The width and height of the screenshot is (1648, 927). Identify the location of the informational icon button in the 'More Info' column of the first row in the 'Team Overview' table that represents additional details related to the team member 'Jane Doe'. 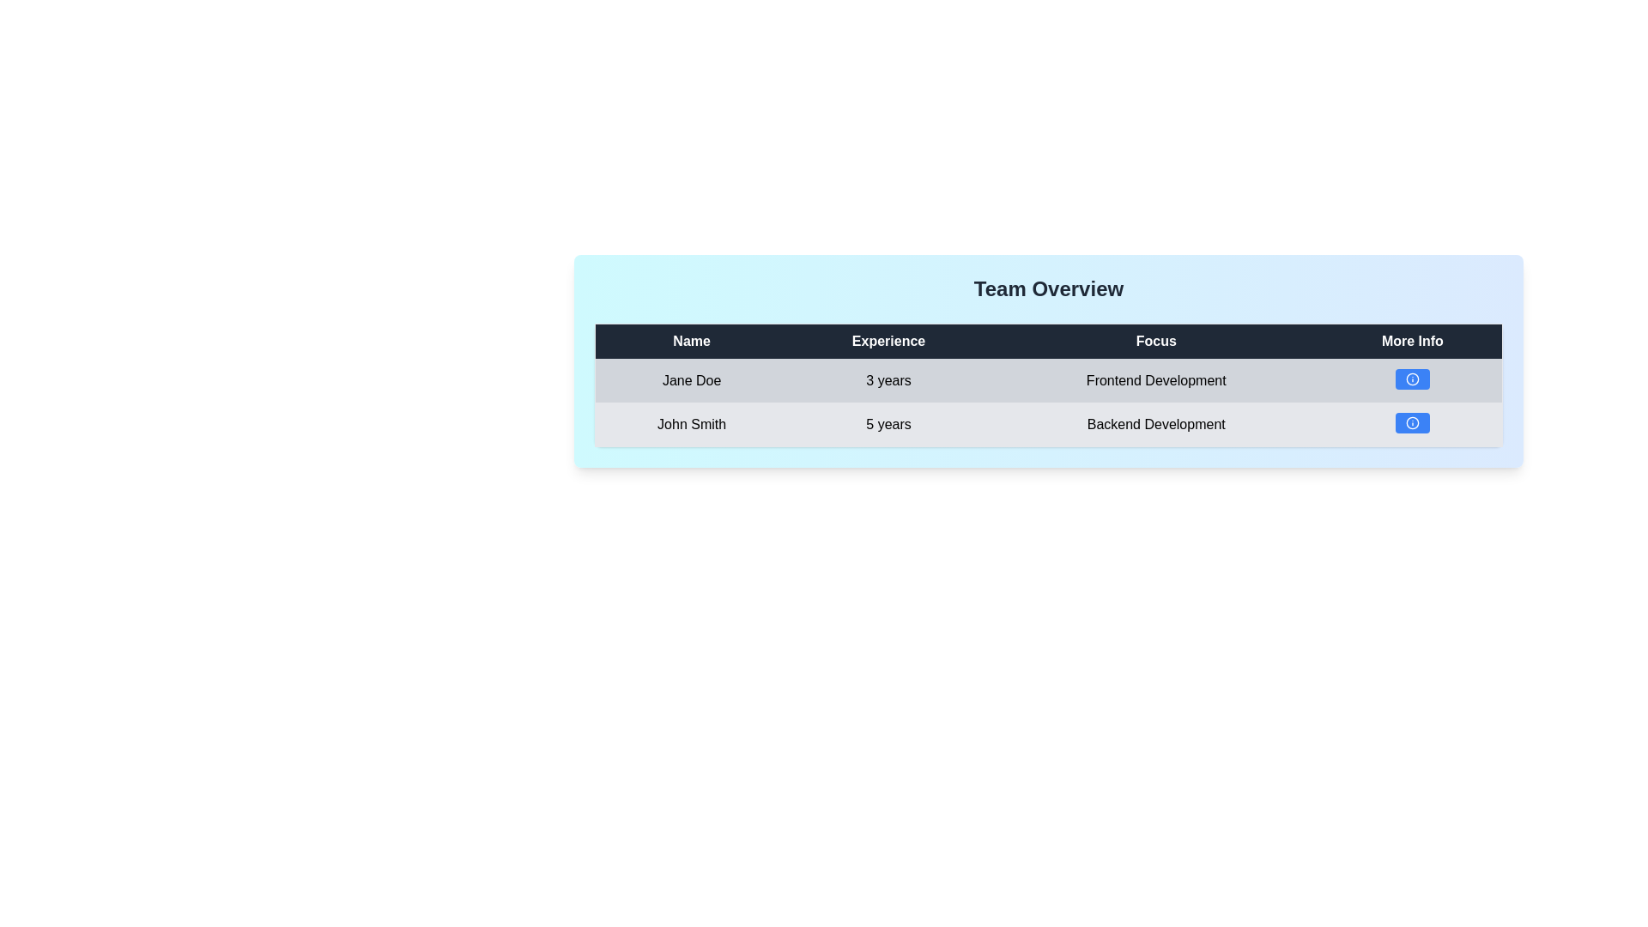
(1412, 379).